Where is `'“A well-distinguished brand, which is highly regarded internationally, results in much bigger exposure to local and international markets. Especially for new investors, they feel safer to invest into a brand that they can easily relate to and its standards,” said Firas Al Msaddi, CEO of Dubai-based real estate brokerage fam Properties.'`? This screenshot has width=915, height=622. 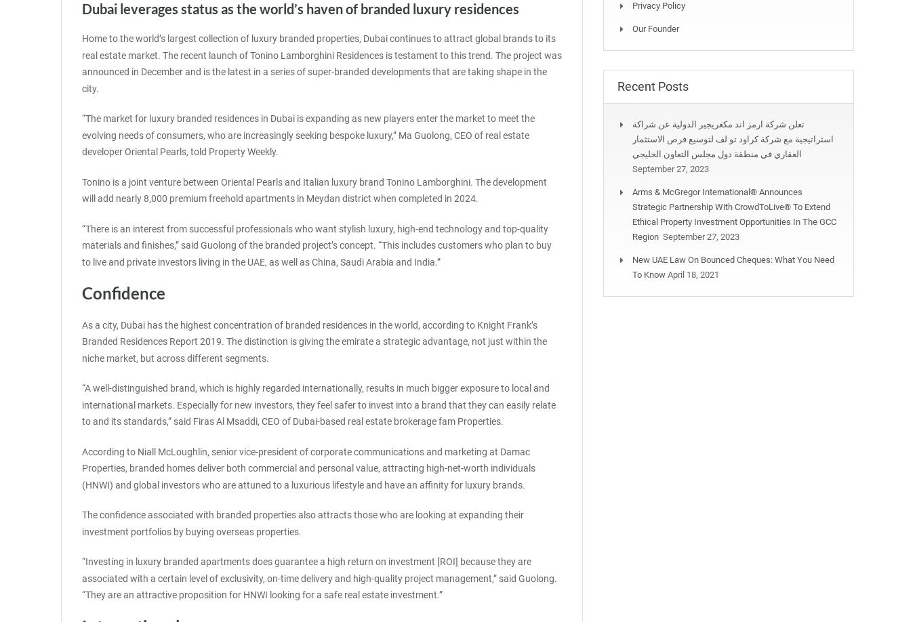
'“A well-distinguished brand, which is highly regarded internationally, results in much bigger exposure to local and international markets. Especially for new investors, they feel safer to invest into a brand that they can easily relate to and its standards,” said Firas Al Msaddi, CEO of Dubai-based real estate brokerage fam Properties.' is located at coordinates (318, 404).